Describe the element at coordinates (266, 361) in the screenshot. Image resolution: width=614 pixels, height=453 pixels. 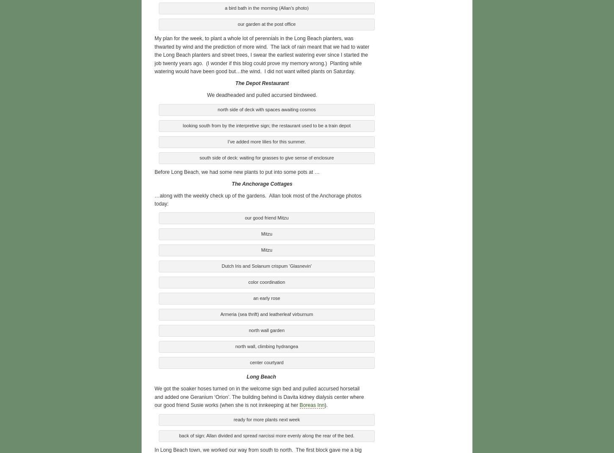
I see `'center courtyard'` at that location.